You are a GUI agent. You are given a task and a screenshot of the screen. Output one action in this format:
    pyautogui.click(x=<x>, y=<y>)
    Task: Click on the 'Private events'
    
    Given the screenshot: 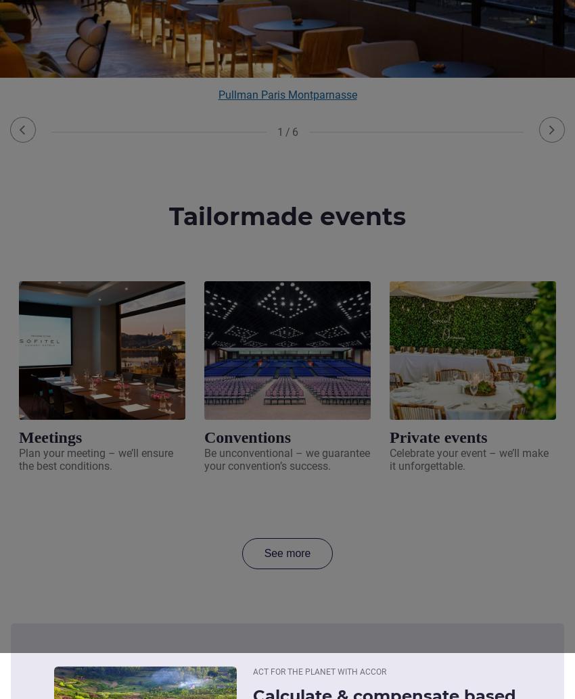 What is the action you would take?
    pyautogui.click(x=389, y=437)
    